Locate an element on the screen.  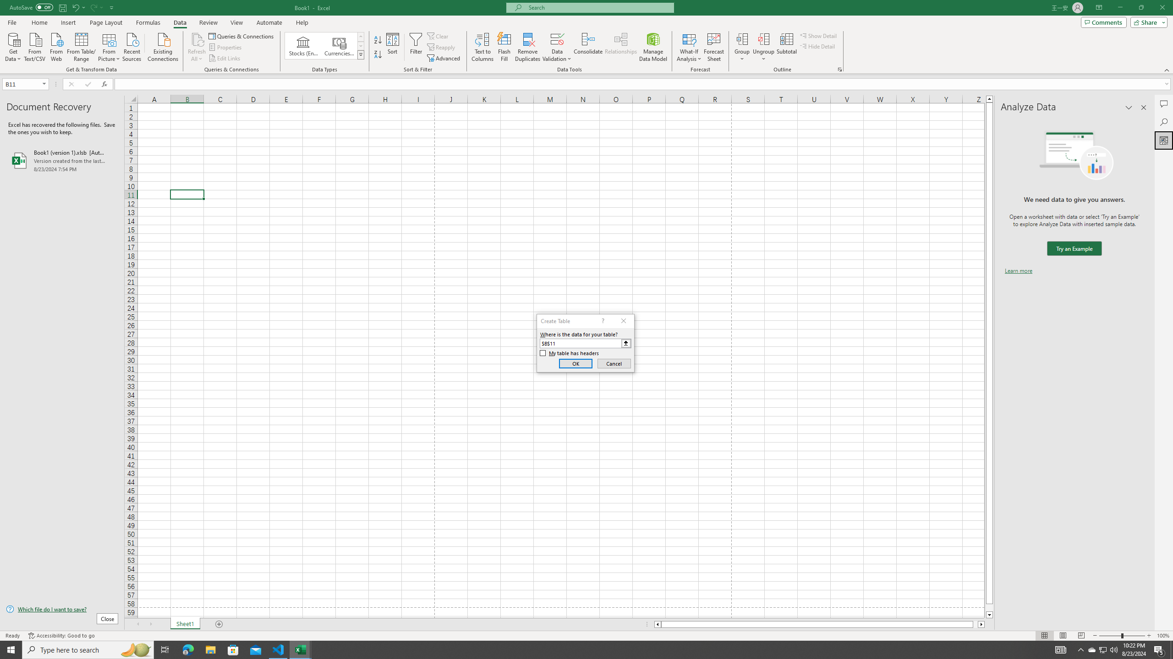
'Line up' is located at coordinates (989, 98).